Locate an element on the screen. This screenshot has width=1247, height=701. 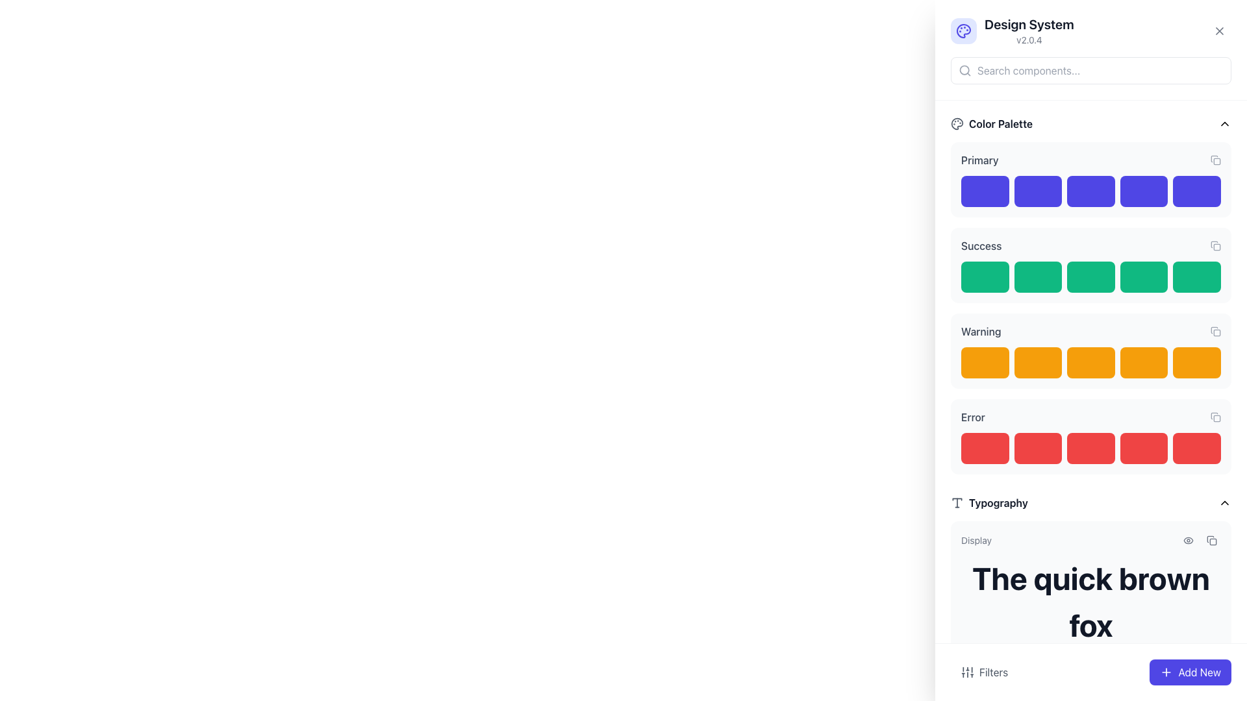
the third color swatch in the Warning palette, which is positioned centrally with two blocks on either side is located at coordinates (1091, 363).